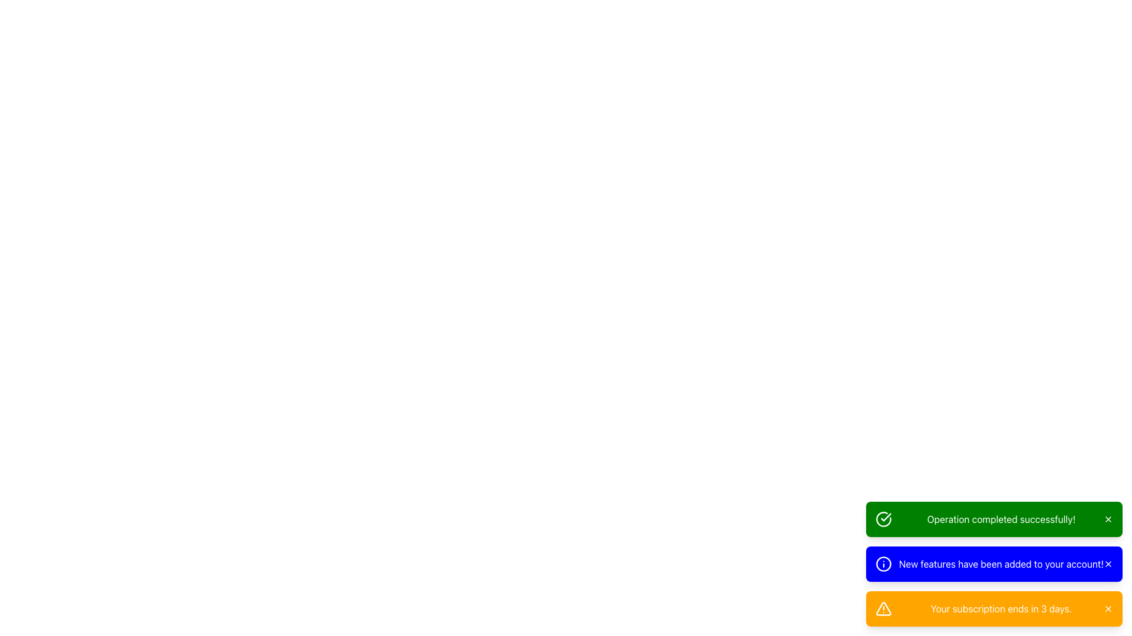  I want to click on the bottommost notification card with an orange background that contains the message 'Your subscription ends in 3 days.', so click(993, 608).